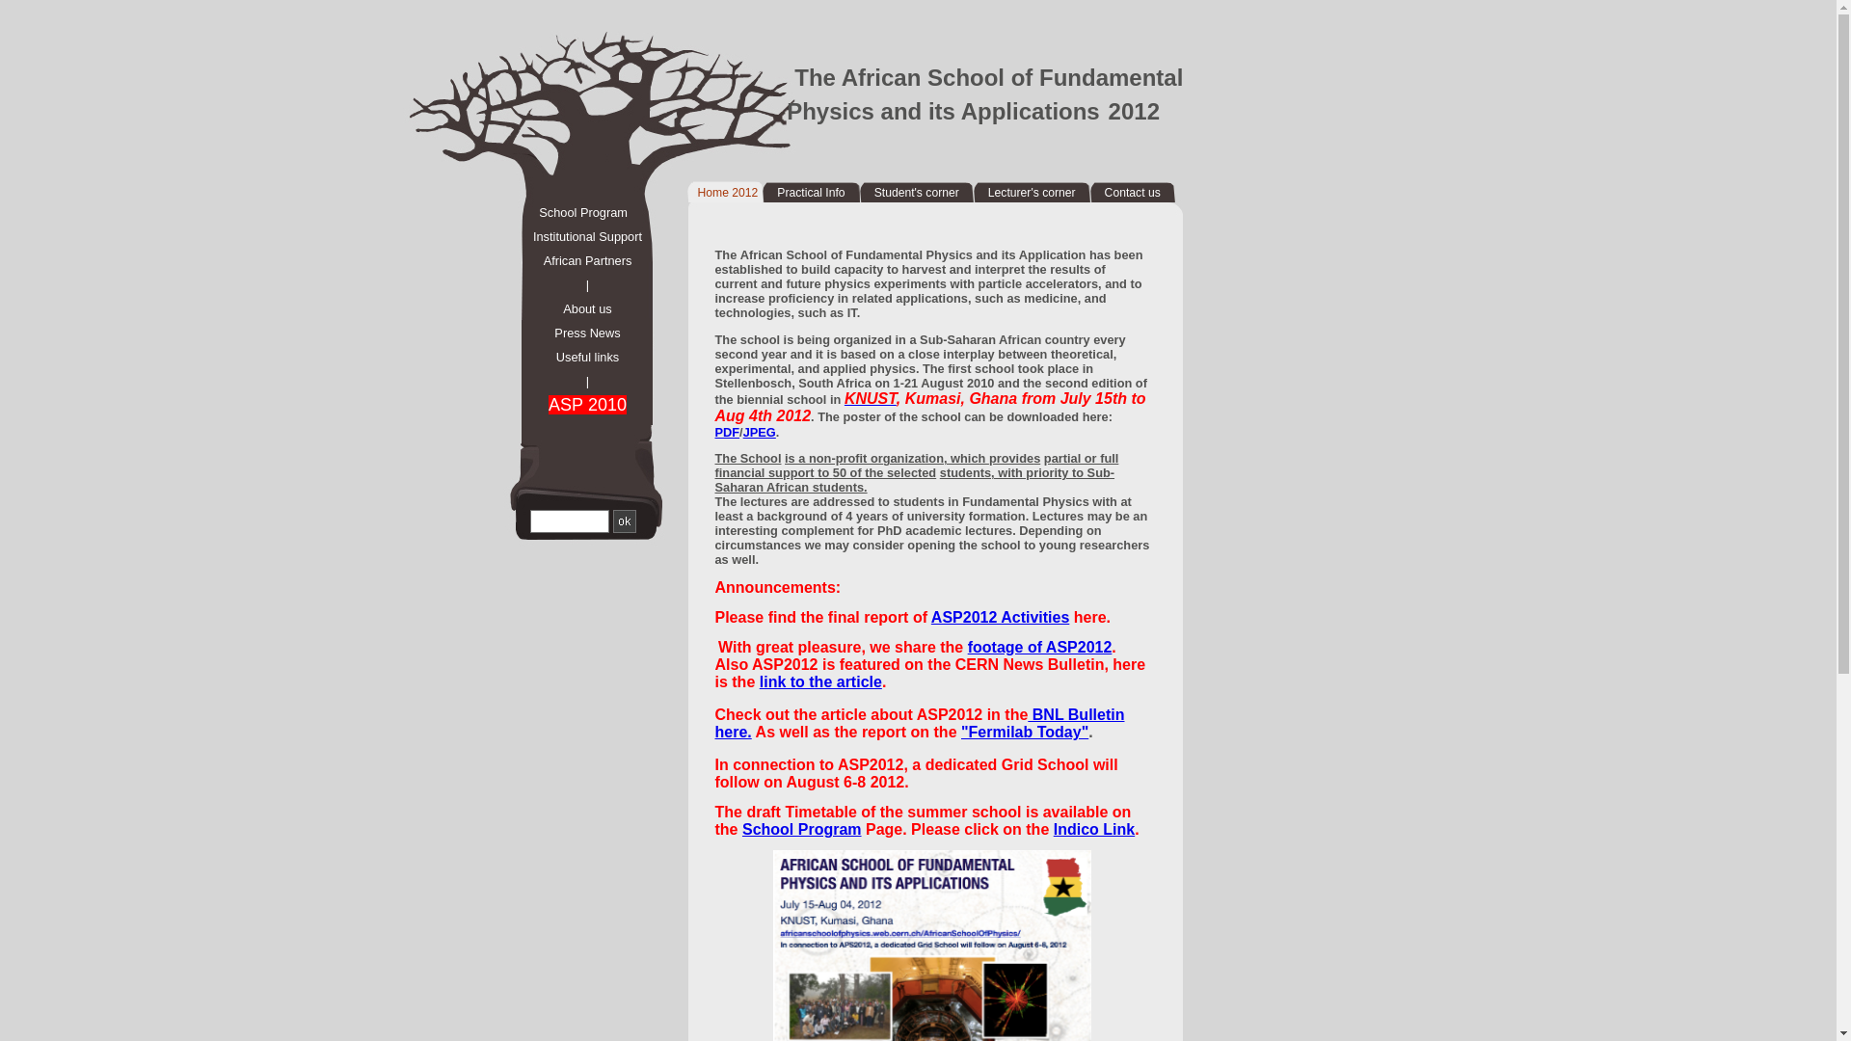 The image size is (1851, 1041). What do you see at coordinates (577, 357) in the screenshot?
I see `'Useful links'` at bounding box center [577, 357].